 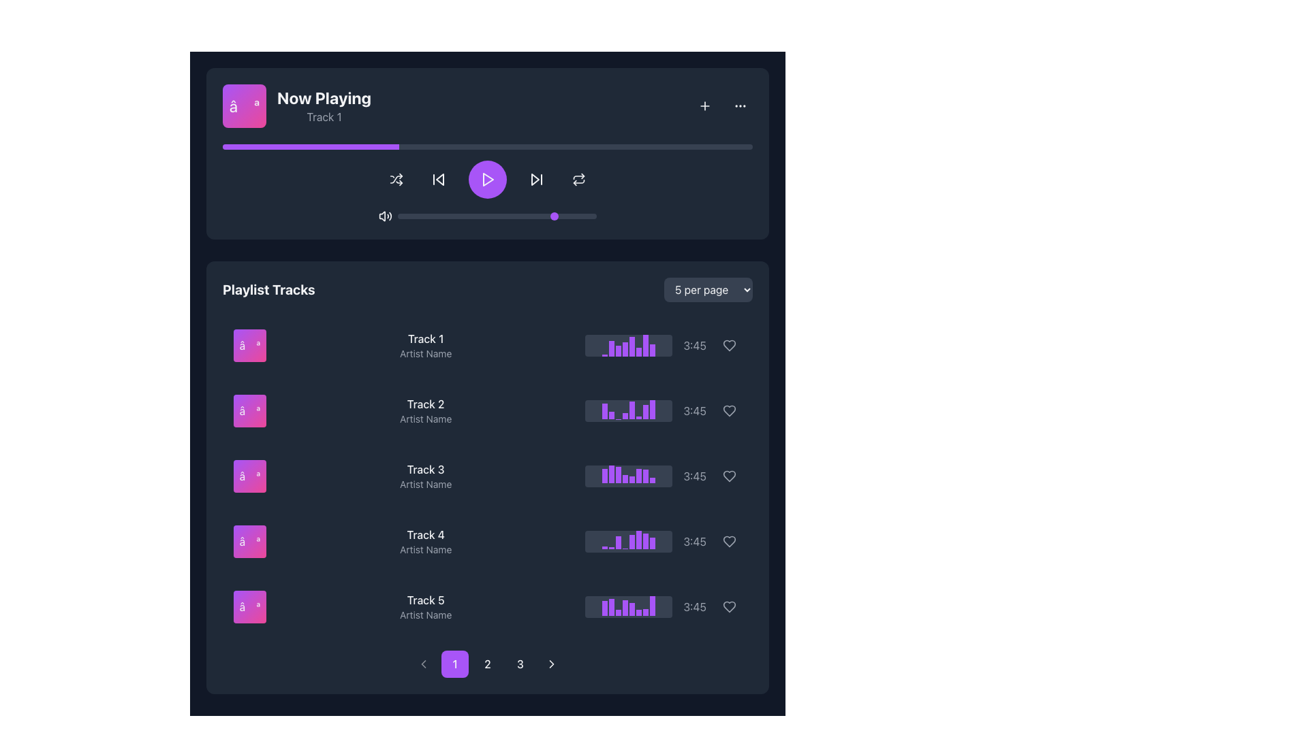 What do you see at coordinates (608, 147) in the screenshot?
I see `playback progress` at bounding box center [608, 147].